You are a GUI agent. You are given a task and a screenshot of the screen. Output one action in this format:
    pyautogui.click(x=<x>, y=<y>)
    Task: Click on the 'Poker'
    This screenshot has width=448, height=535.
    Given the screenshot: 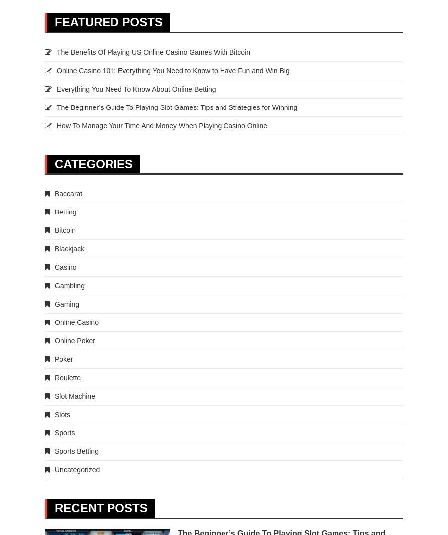 What is the action you would take?
    pyautogui.click(x=63, y=358)
    